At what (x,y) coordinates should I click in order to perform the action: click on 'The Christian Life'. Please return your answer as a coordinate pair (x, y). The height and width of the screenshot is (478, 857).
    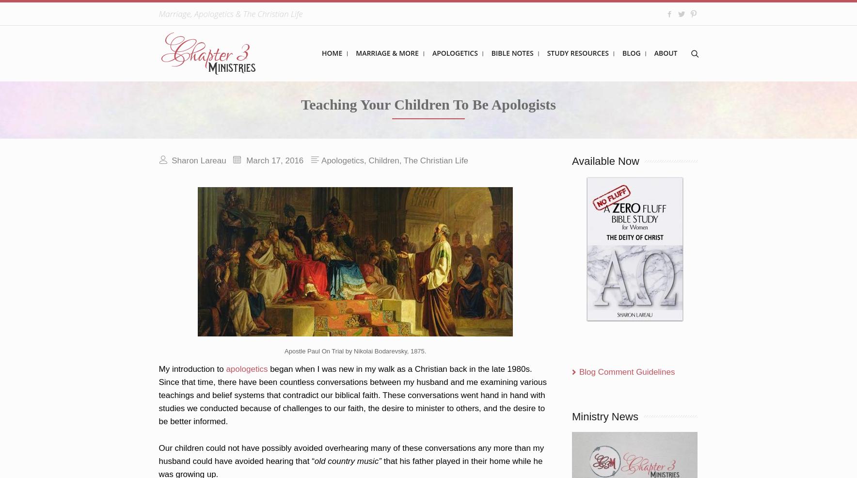
    Looking at the image, I should click on (435, 160).